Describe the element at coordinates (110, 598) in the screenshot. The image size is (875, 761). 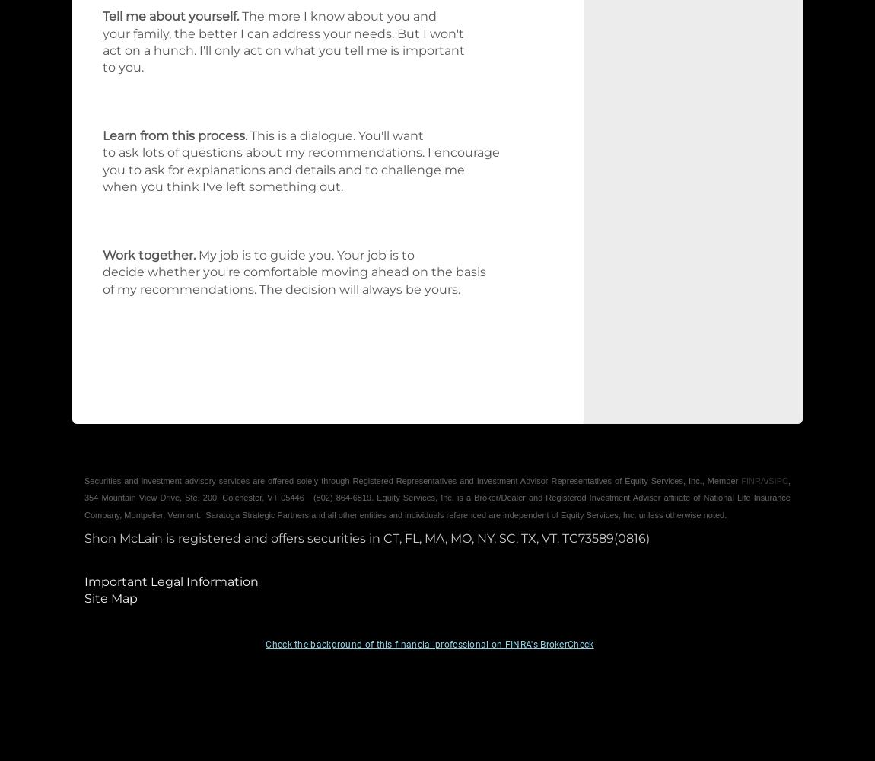
I see `'Site Map'` at that location.